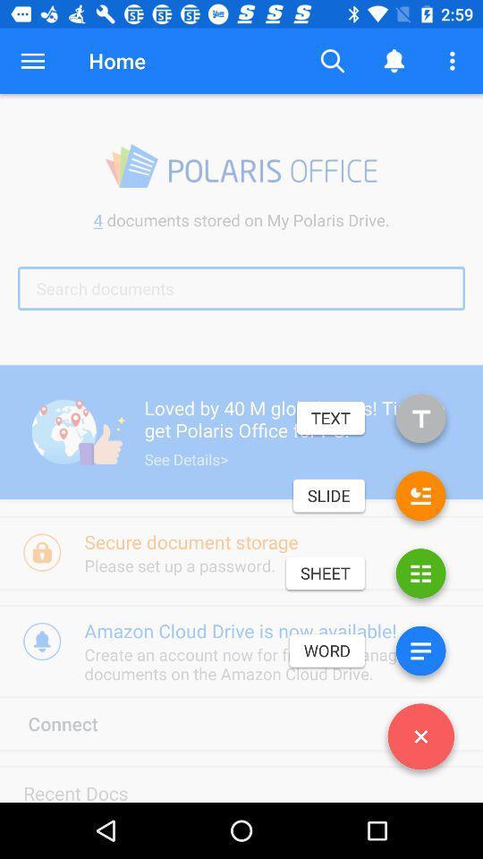  I want to click on open slideshow, so click(420, 499).